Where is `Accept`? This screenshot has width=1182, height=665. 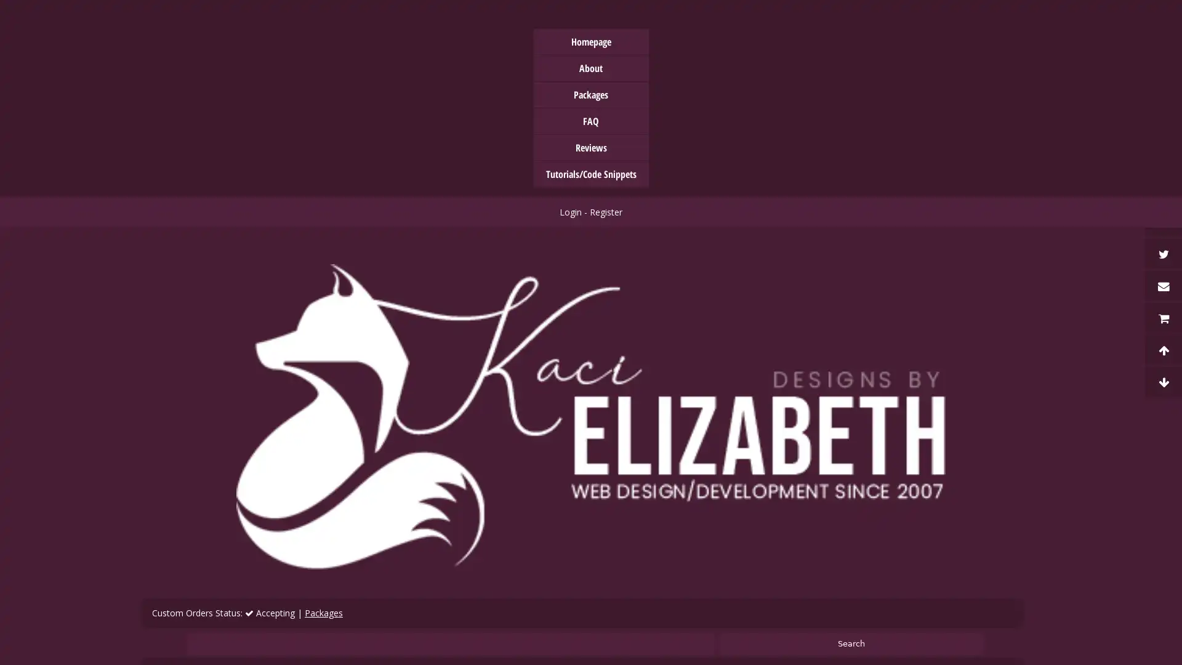
Accept is located at coordinates (840, 645).